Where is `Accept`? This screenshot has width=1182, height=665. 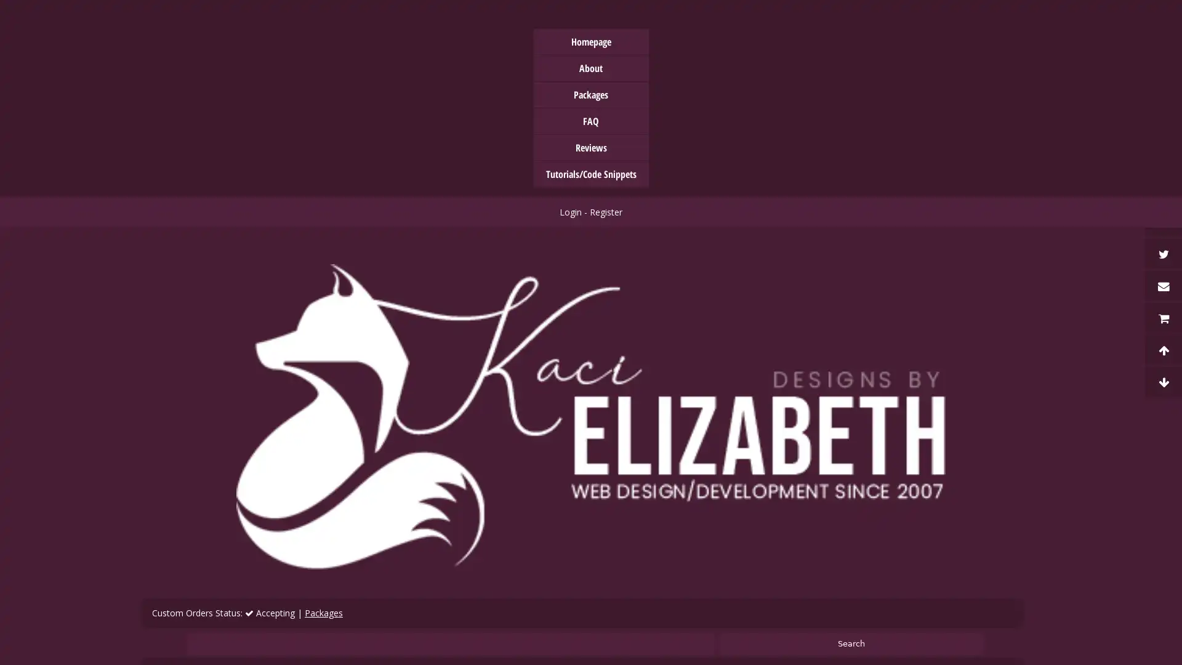
Accept is located at coordinates (840, 645).